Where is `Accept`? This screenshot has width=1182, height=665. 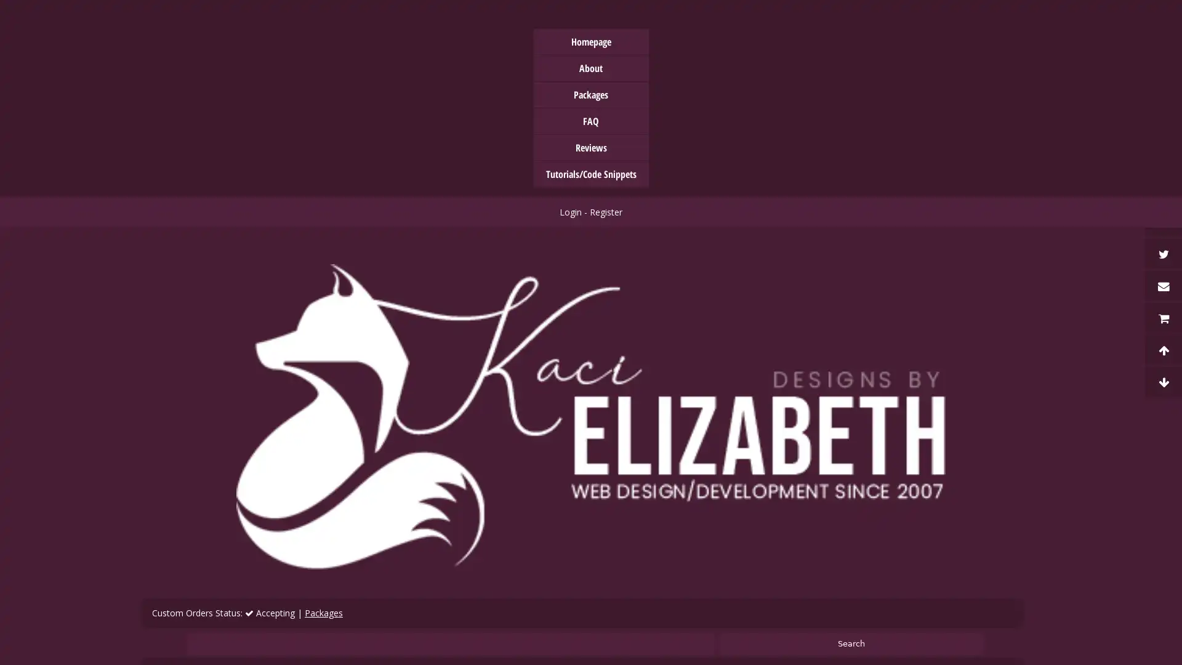
Accept is located at coordinates (840, 645).